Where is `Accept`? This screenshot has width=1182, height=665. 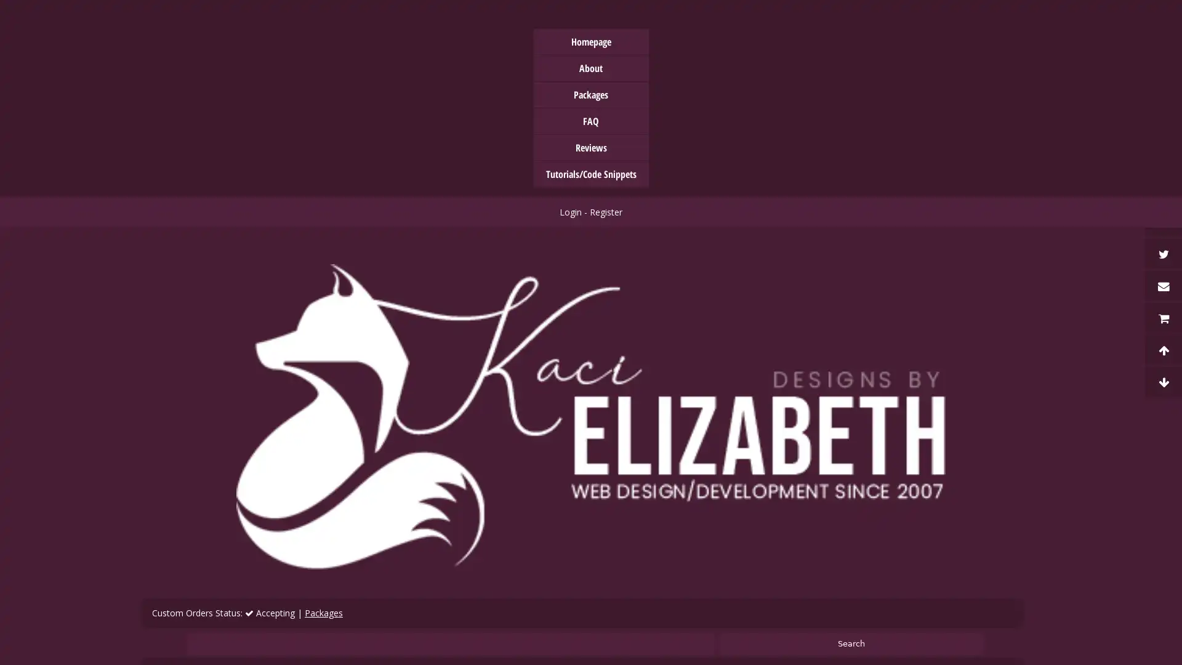
Accept is located at coordinates (840, 645).